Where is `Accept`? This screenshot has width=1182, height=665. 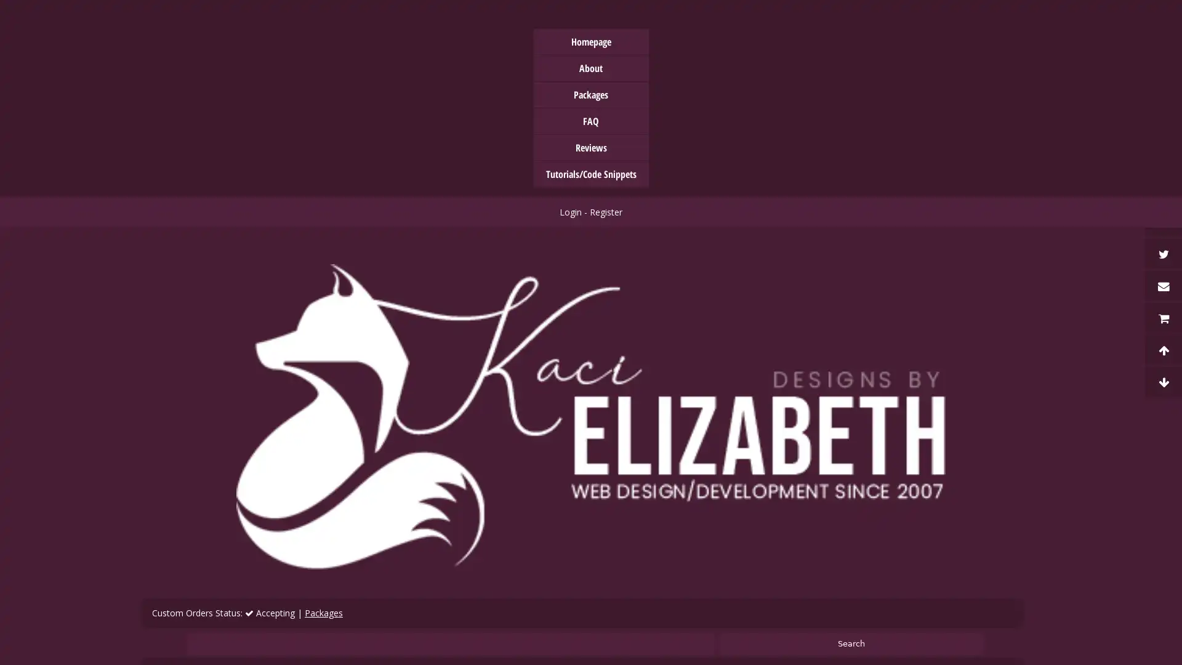
Accept is located at coordinates (840, 645).